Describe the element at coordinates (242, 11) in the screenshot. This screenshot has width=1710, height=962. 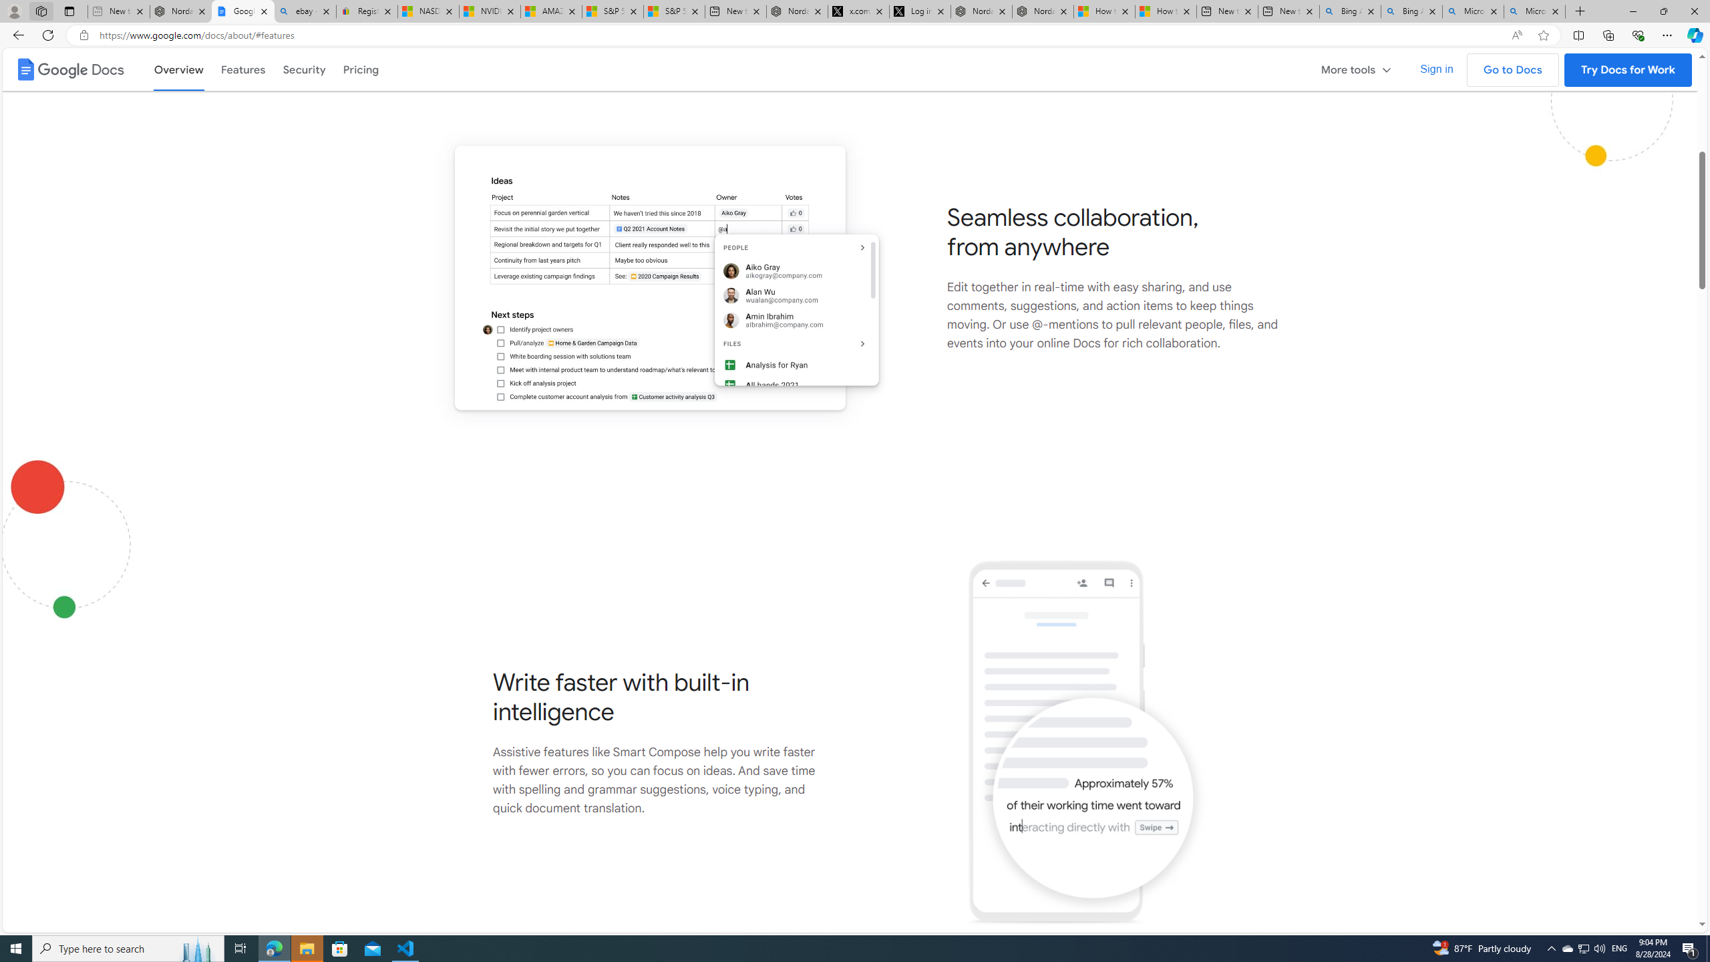
I see `'Google Docs: Online Document Editor | Google Workspace'` at that location.